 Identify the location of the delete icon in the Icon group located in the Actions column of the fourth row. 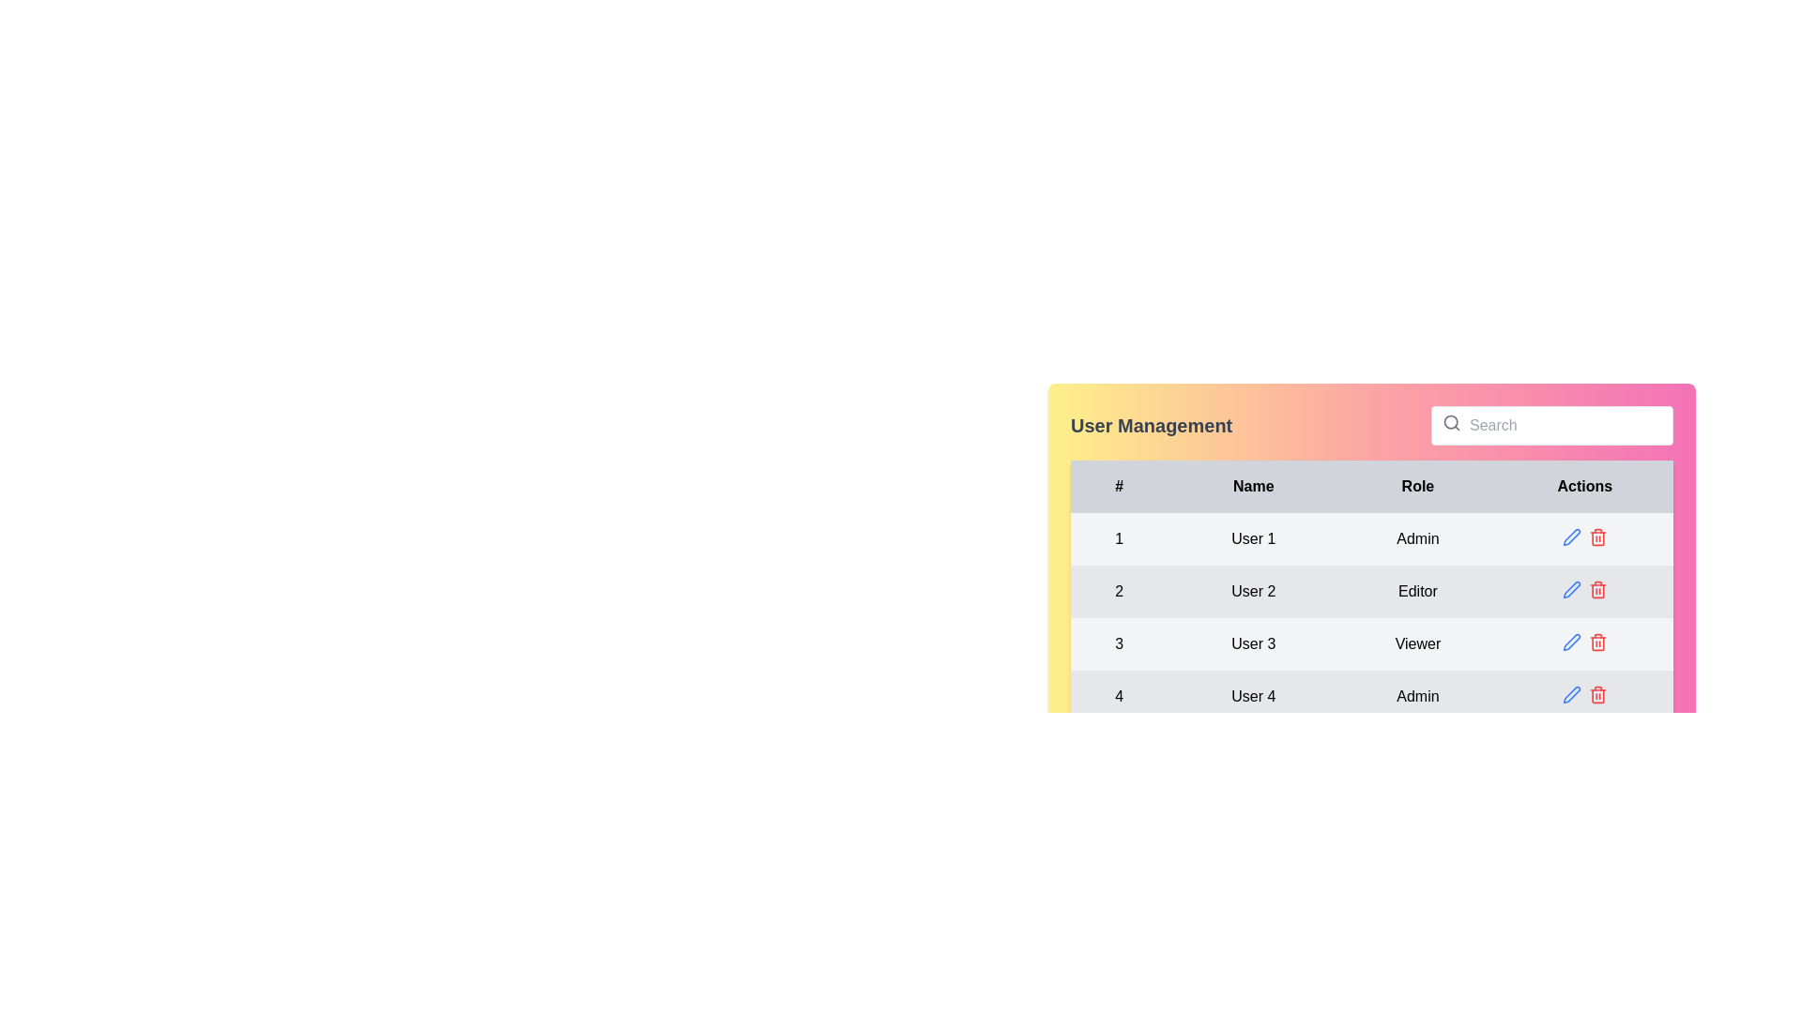
(1583, 694).